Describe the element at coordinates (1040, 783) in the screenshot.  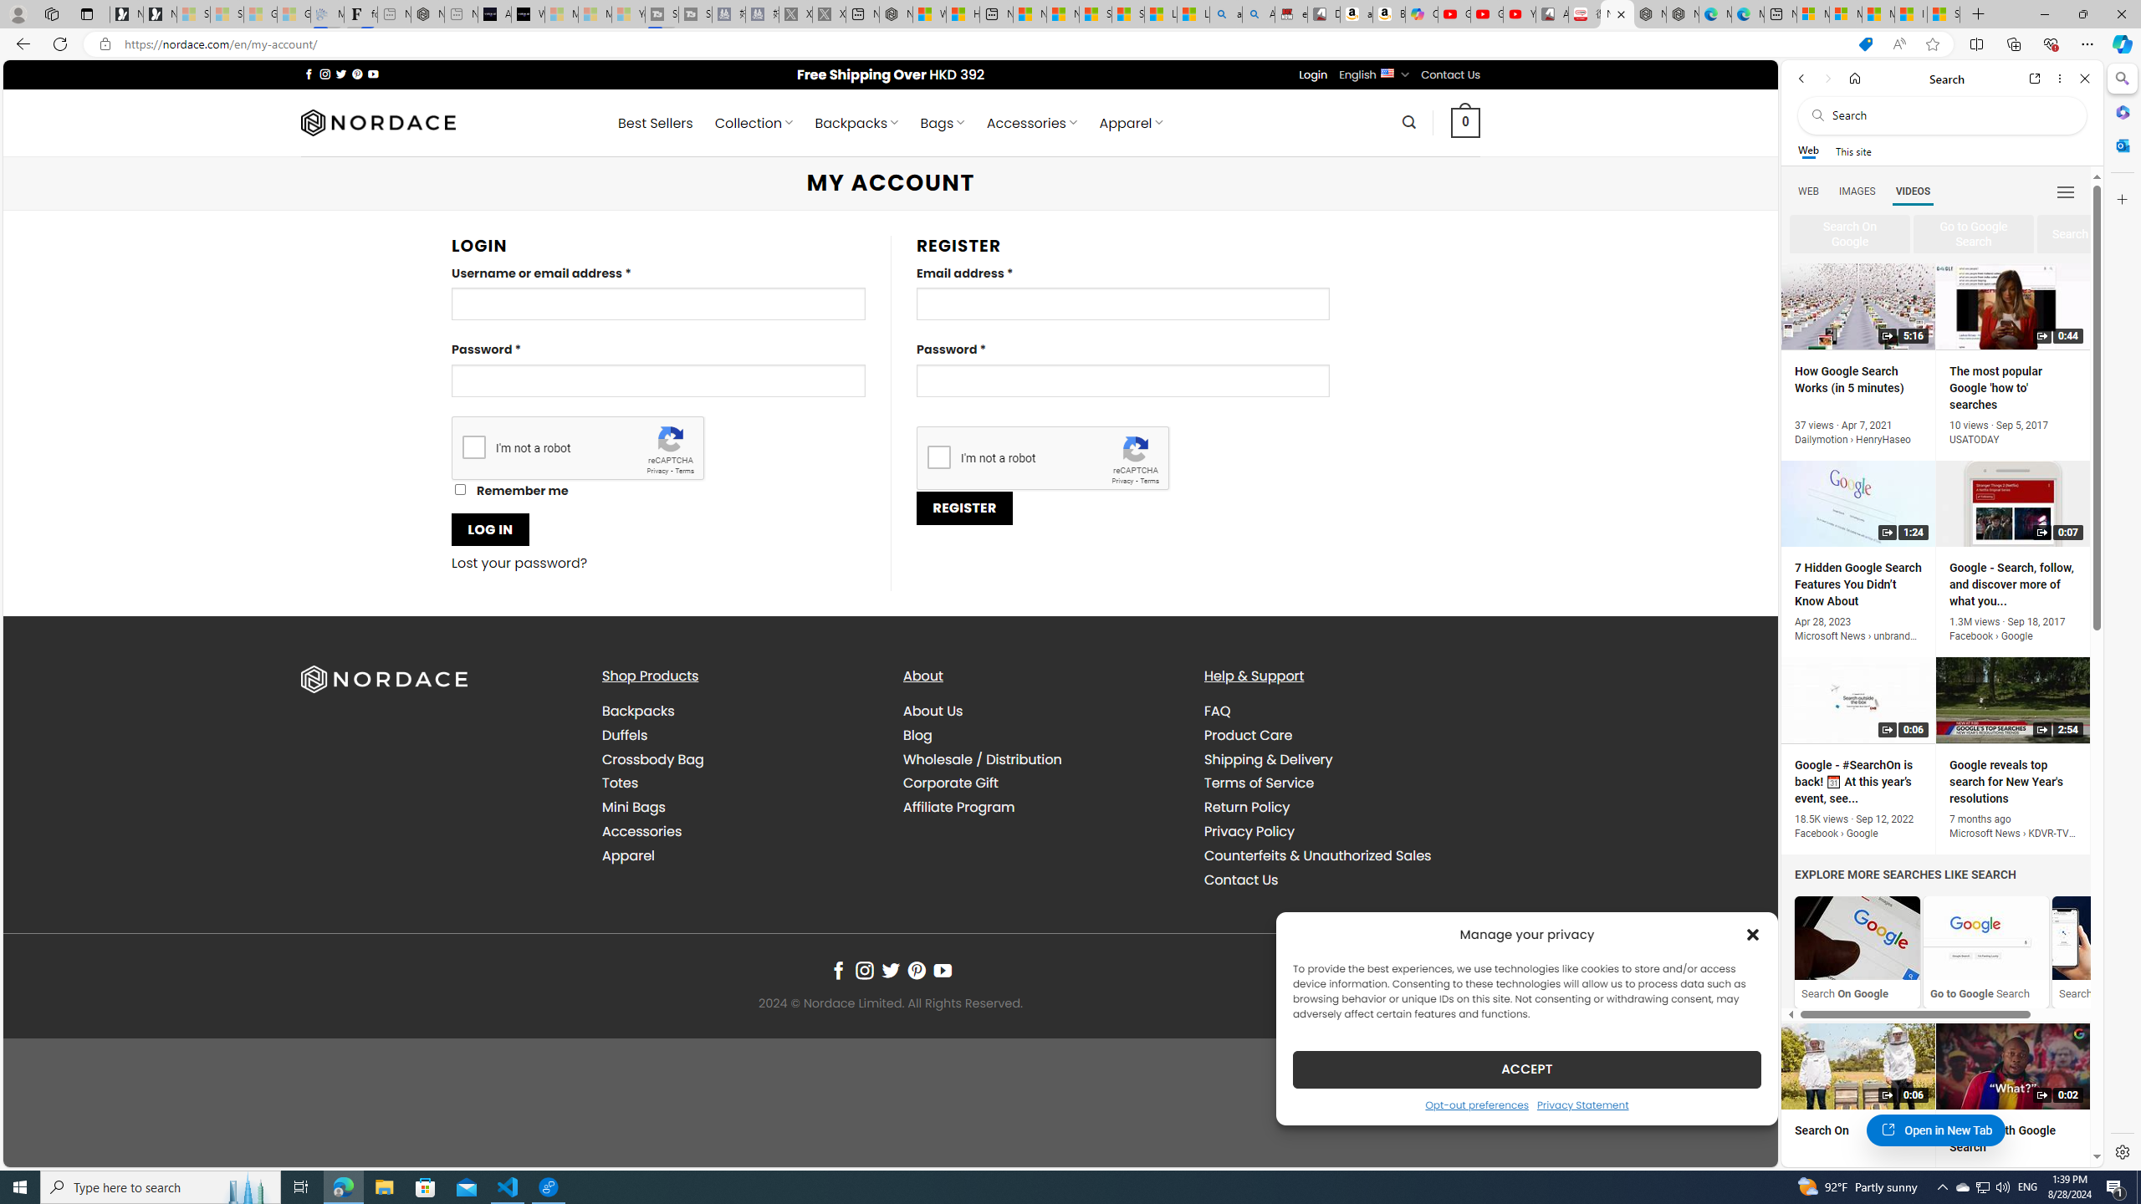
I see `'Corporate Gift'` at that location.